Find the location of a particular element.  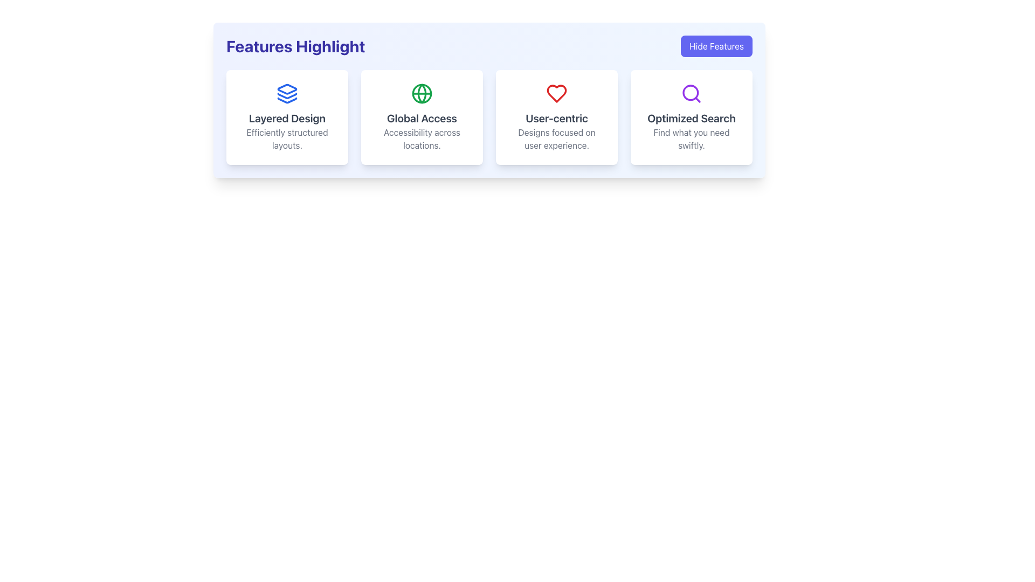

the central part of the red heart icon within the 'User-centric' card, which is the third card in a horizontal row of feature cards is located at coordinates (556, 93).